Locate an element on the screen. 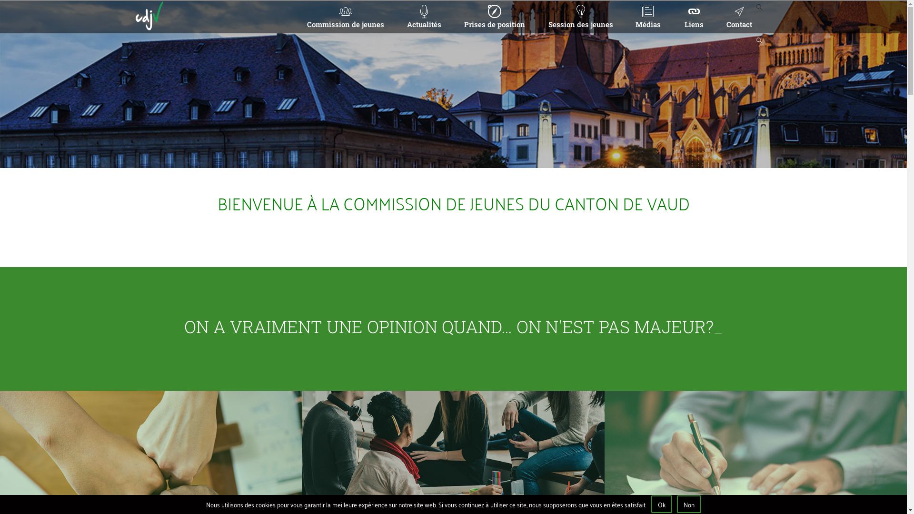 Image resolution: width=914 pixels, height=514 pixels. 'Contact' is located at coordinates (738, 16).